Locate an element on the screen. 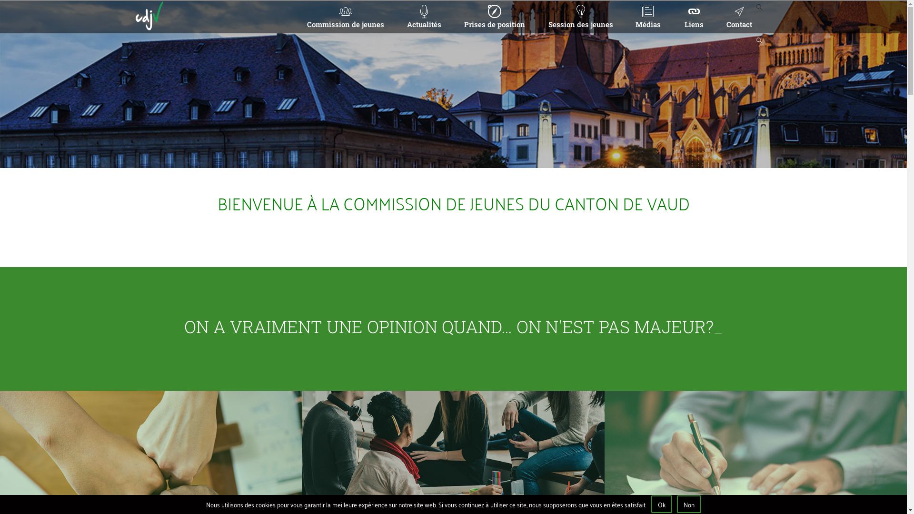 Image resolution: width=914 pixels, height=514 pixels. 'Contact' is located at coordinates (738, 16).